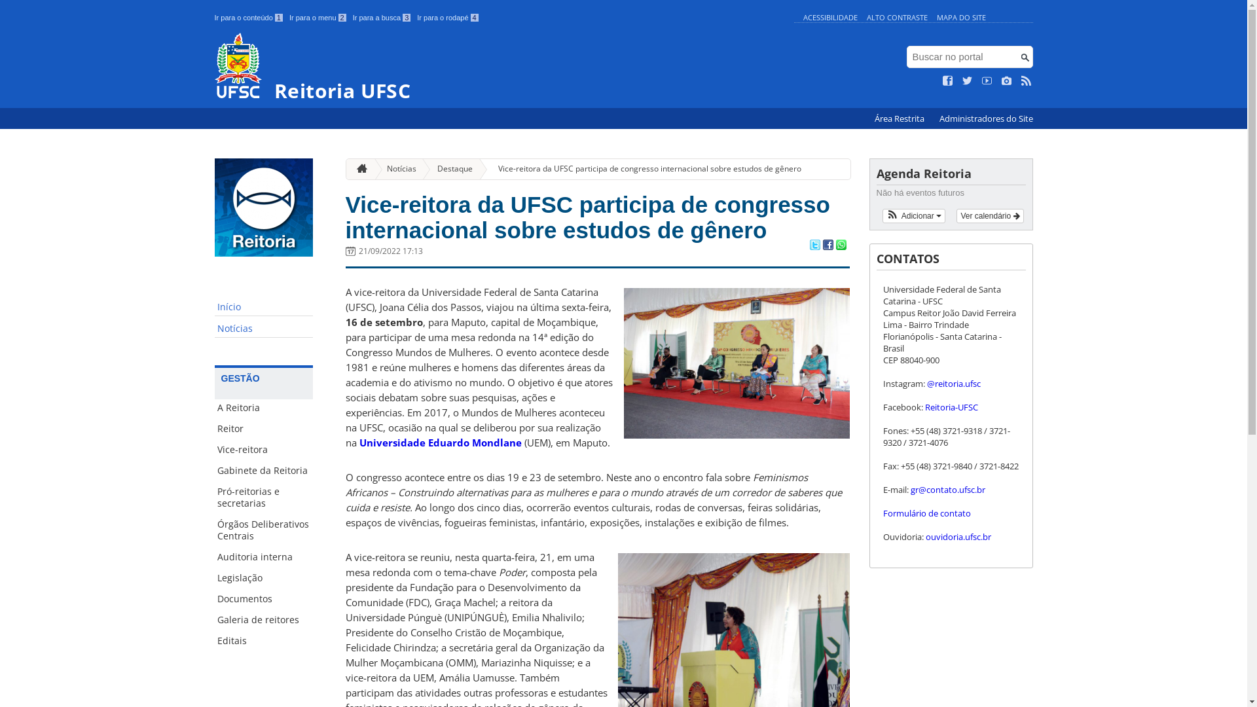  What do you see at coordinates (961, 495) in the screenshot?
I see `'gr@contato.ufsc.br'` at bounding box center [961, 495].